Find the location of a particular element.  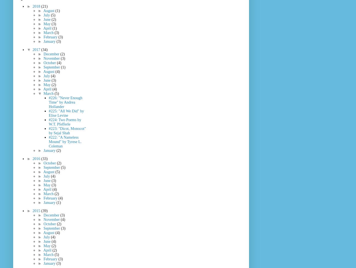

'#224: Two Poems by W.T. Pfefferle' is located at coordinates (65, 122).